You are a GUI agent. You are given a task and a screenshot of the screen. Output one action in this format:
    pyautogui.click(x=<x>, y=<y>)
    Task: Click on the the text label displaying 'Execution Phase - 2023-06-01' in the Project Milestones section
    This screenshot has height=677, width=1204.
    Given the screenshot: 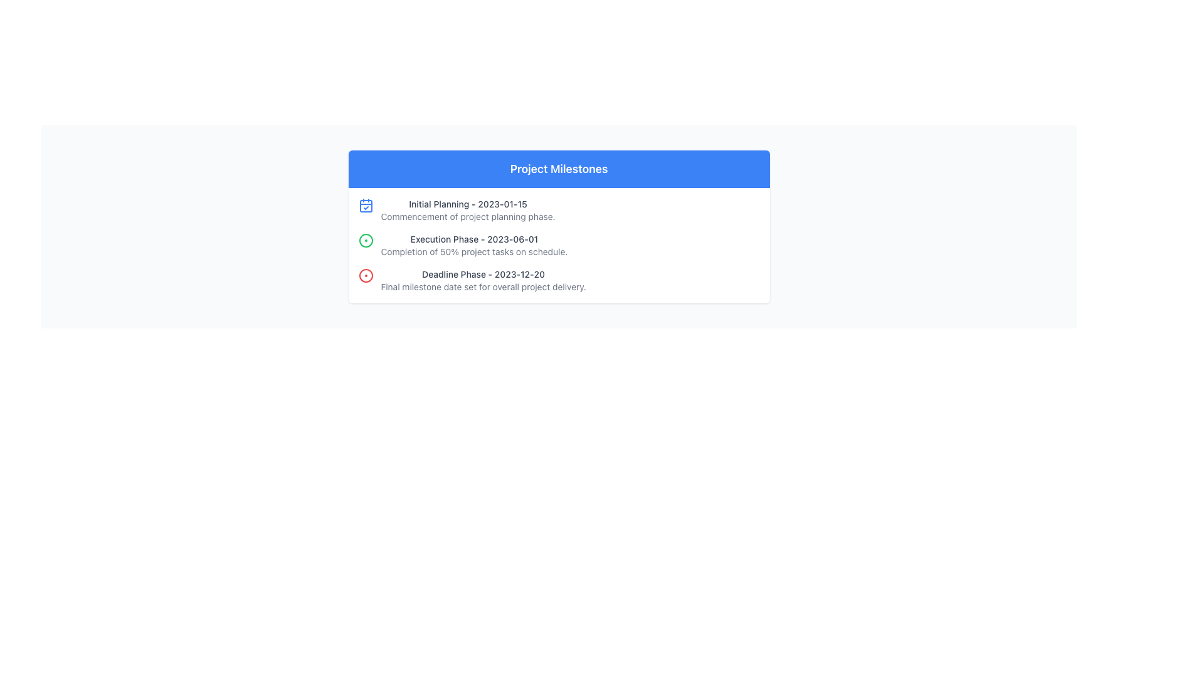 What is the action you would take?
    pyautogui.click(x=473, y=239)
    